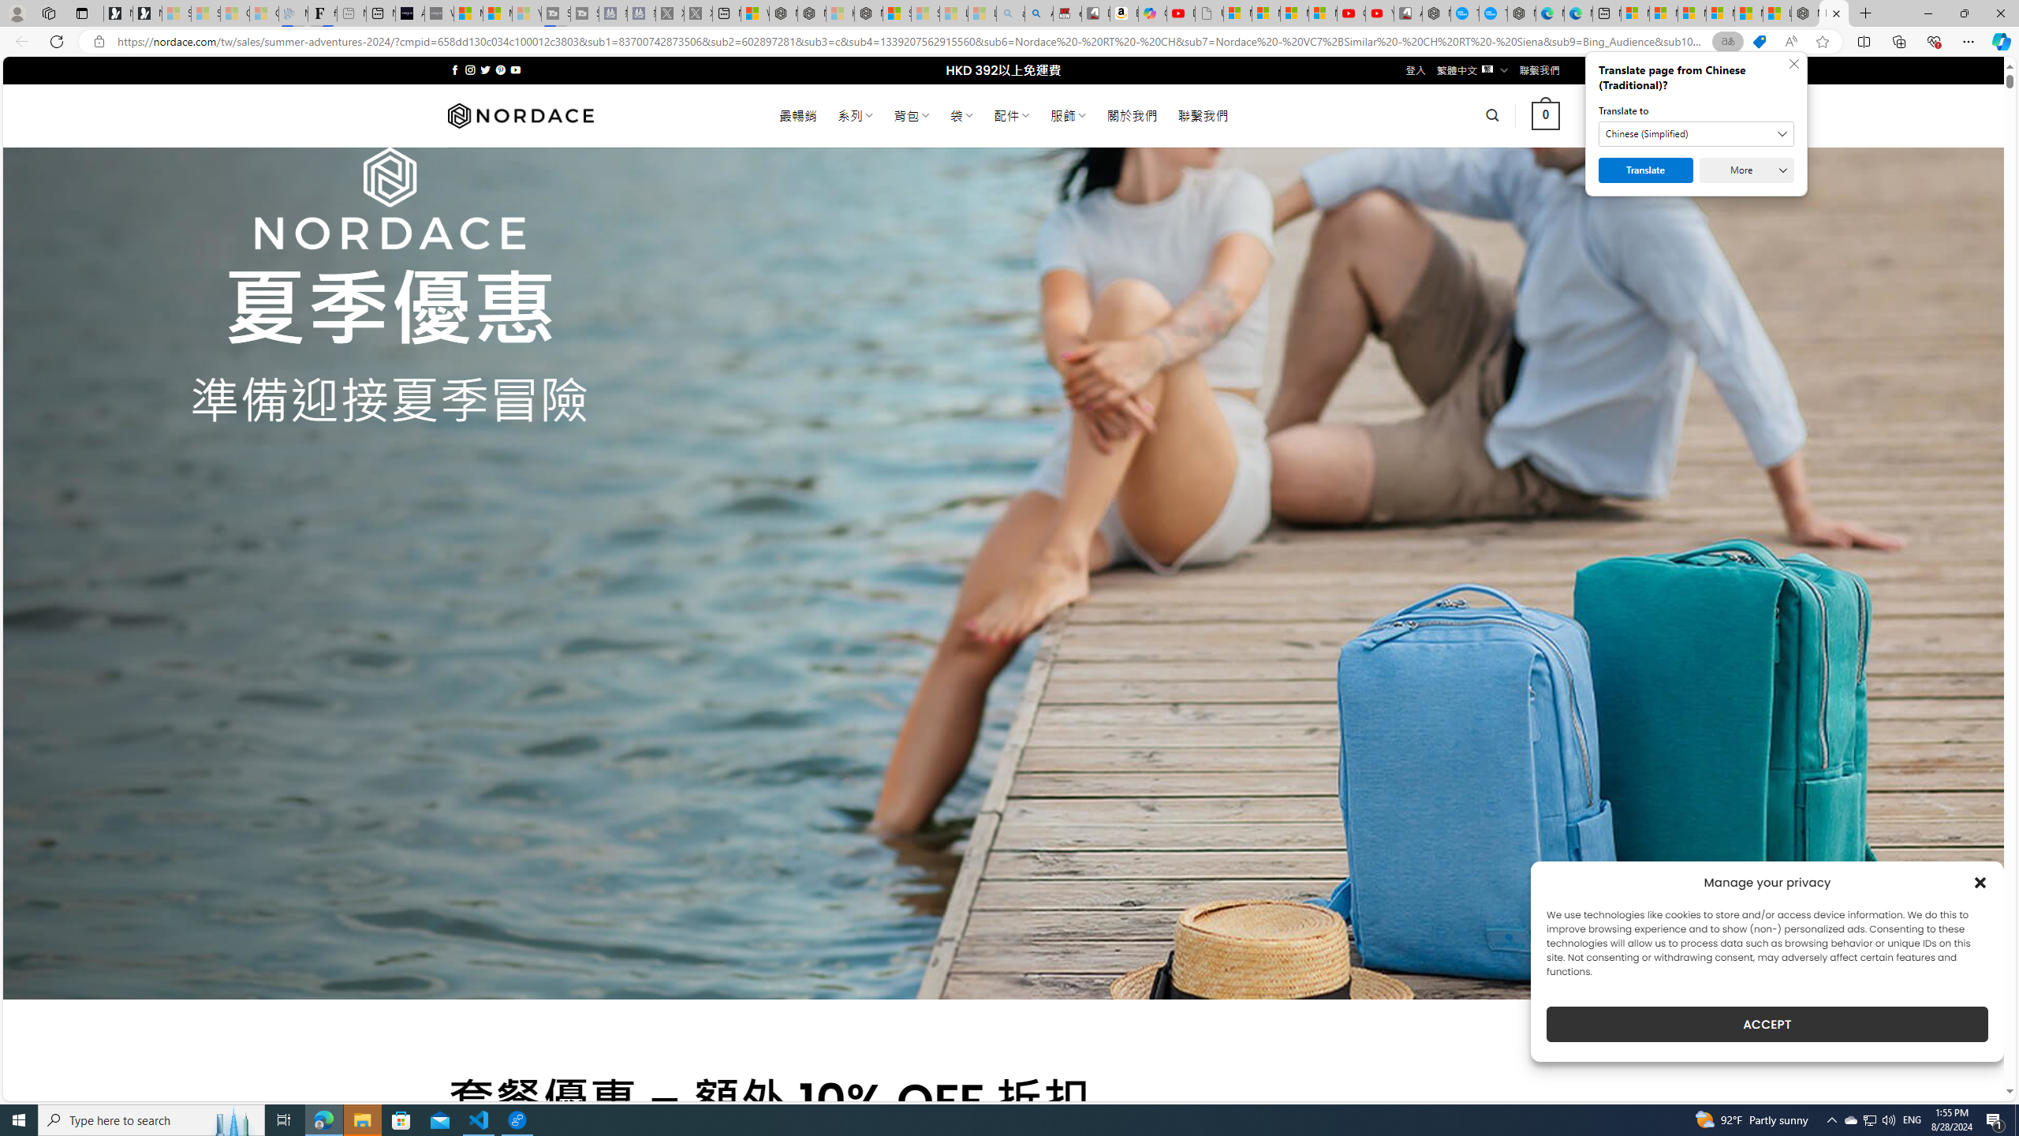  What do you see at coordinates (1151, 13) in the screenshot?
I see `'Copilot'` at bounding box center [1151, 13].